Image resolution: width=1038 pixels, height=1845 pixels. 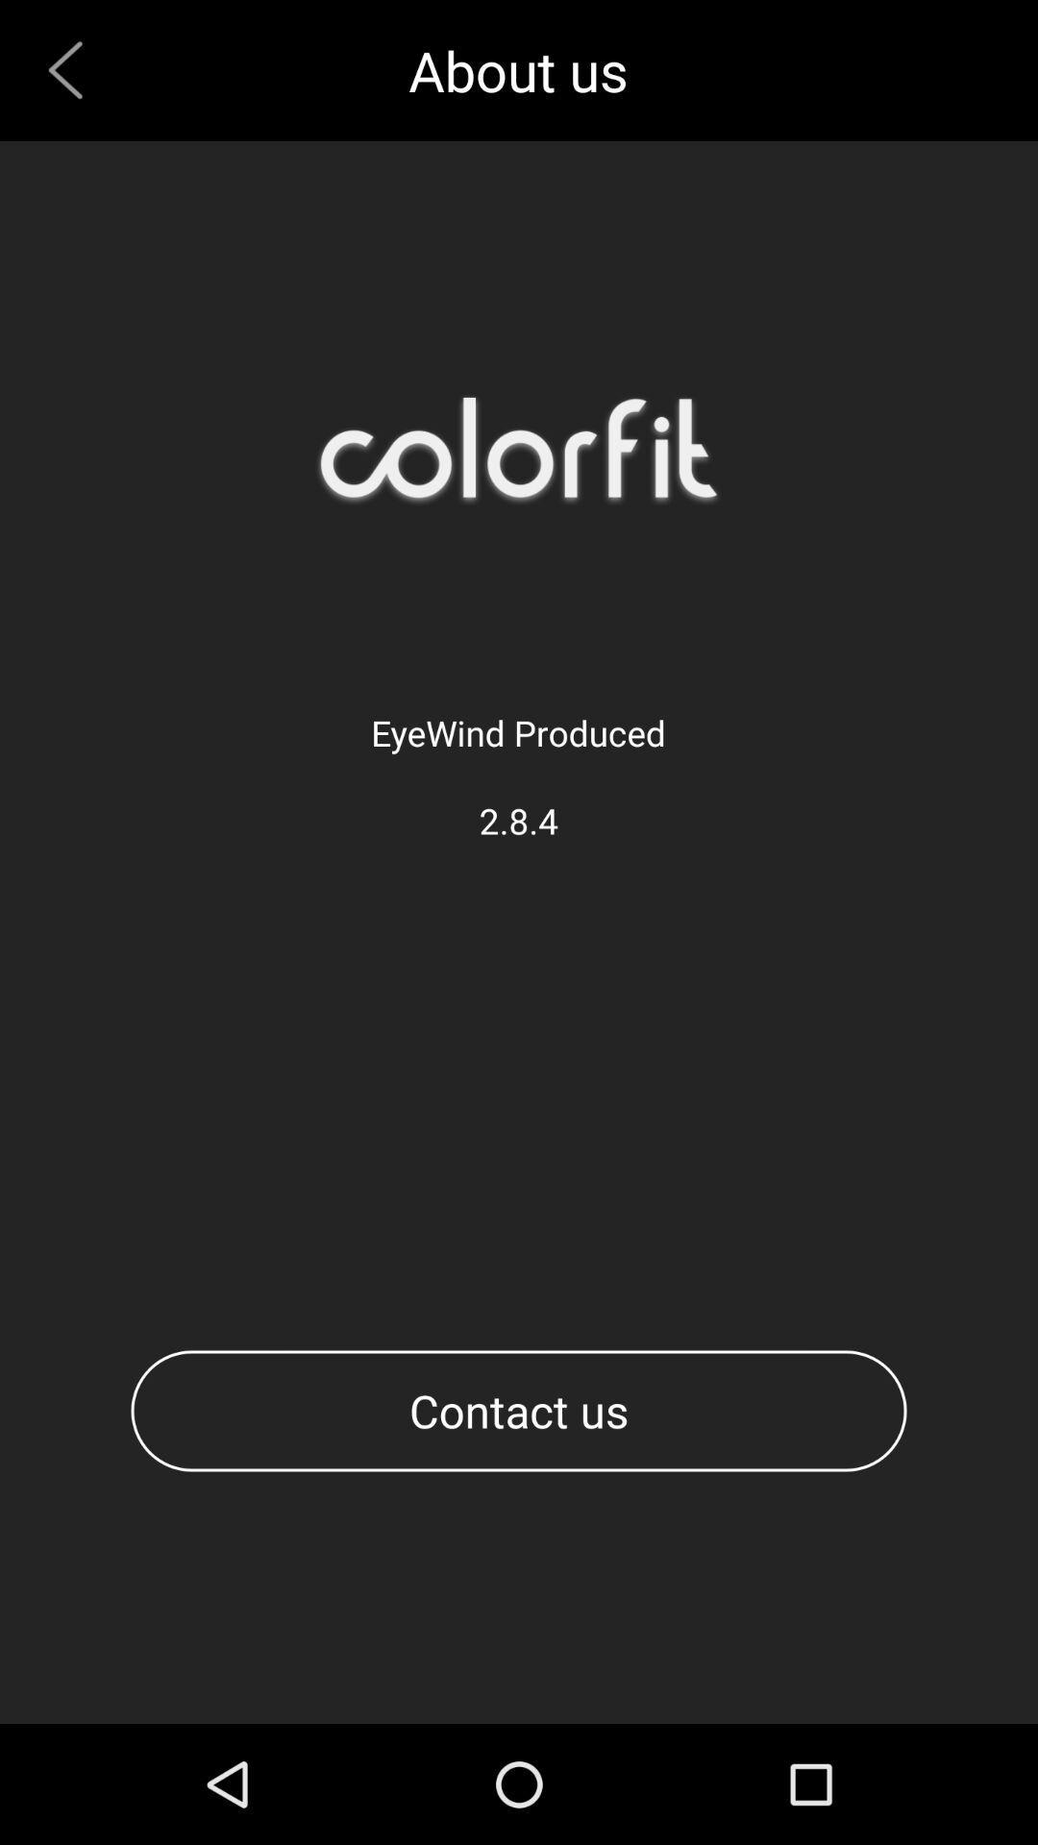 I want to click on the icon to the left of about us icon, so click(x=72, y=70).